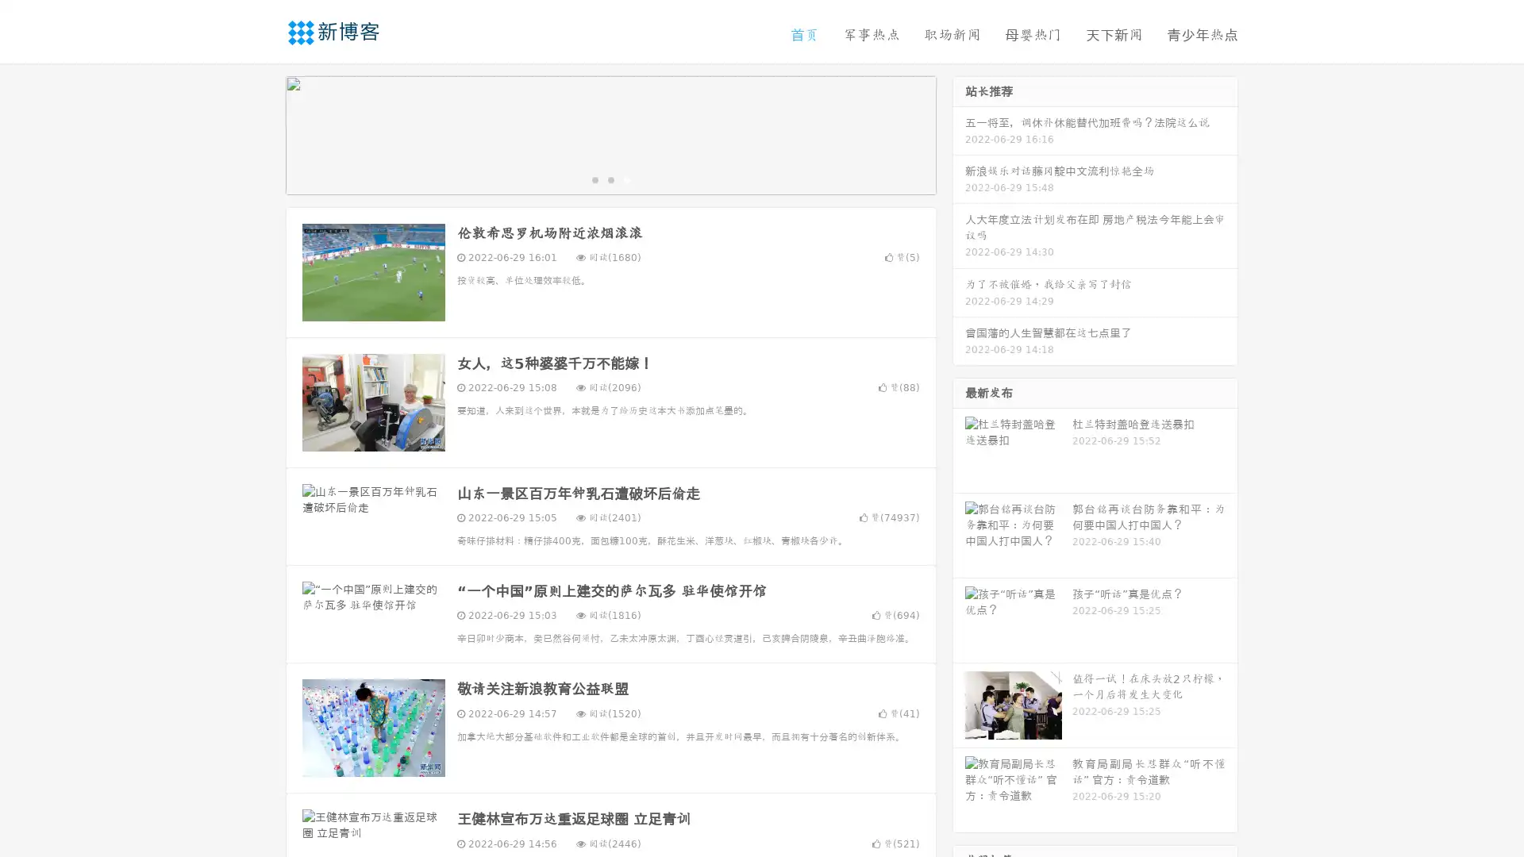 This screenshot has width=1524, height=857. What do you see at coordinates (959, 133) in the screenshot?
I see `Next slide` at bounding box center [959, 133].